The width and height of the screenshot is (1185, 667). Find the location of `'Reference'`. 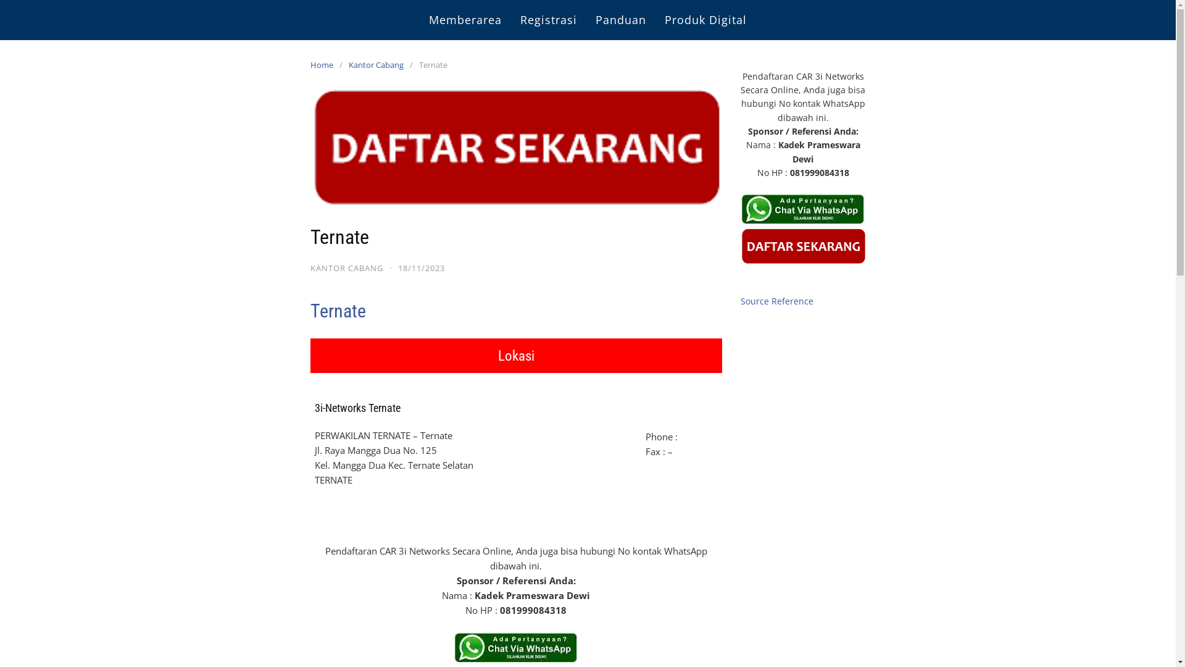

'Reference' is located at coordinates (792, 301).